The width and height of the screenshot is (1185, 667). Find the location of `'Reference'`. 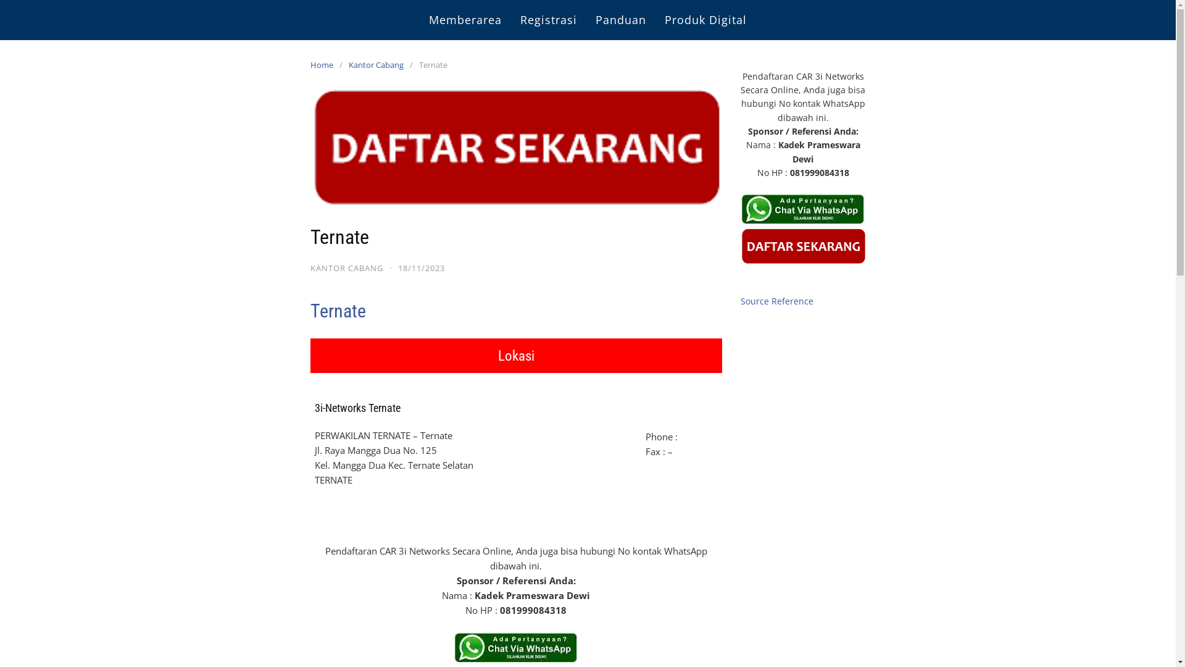

'Reference' is located at coordinates (792, 301).